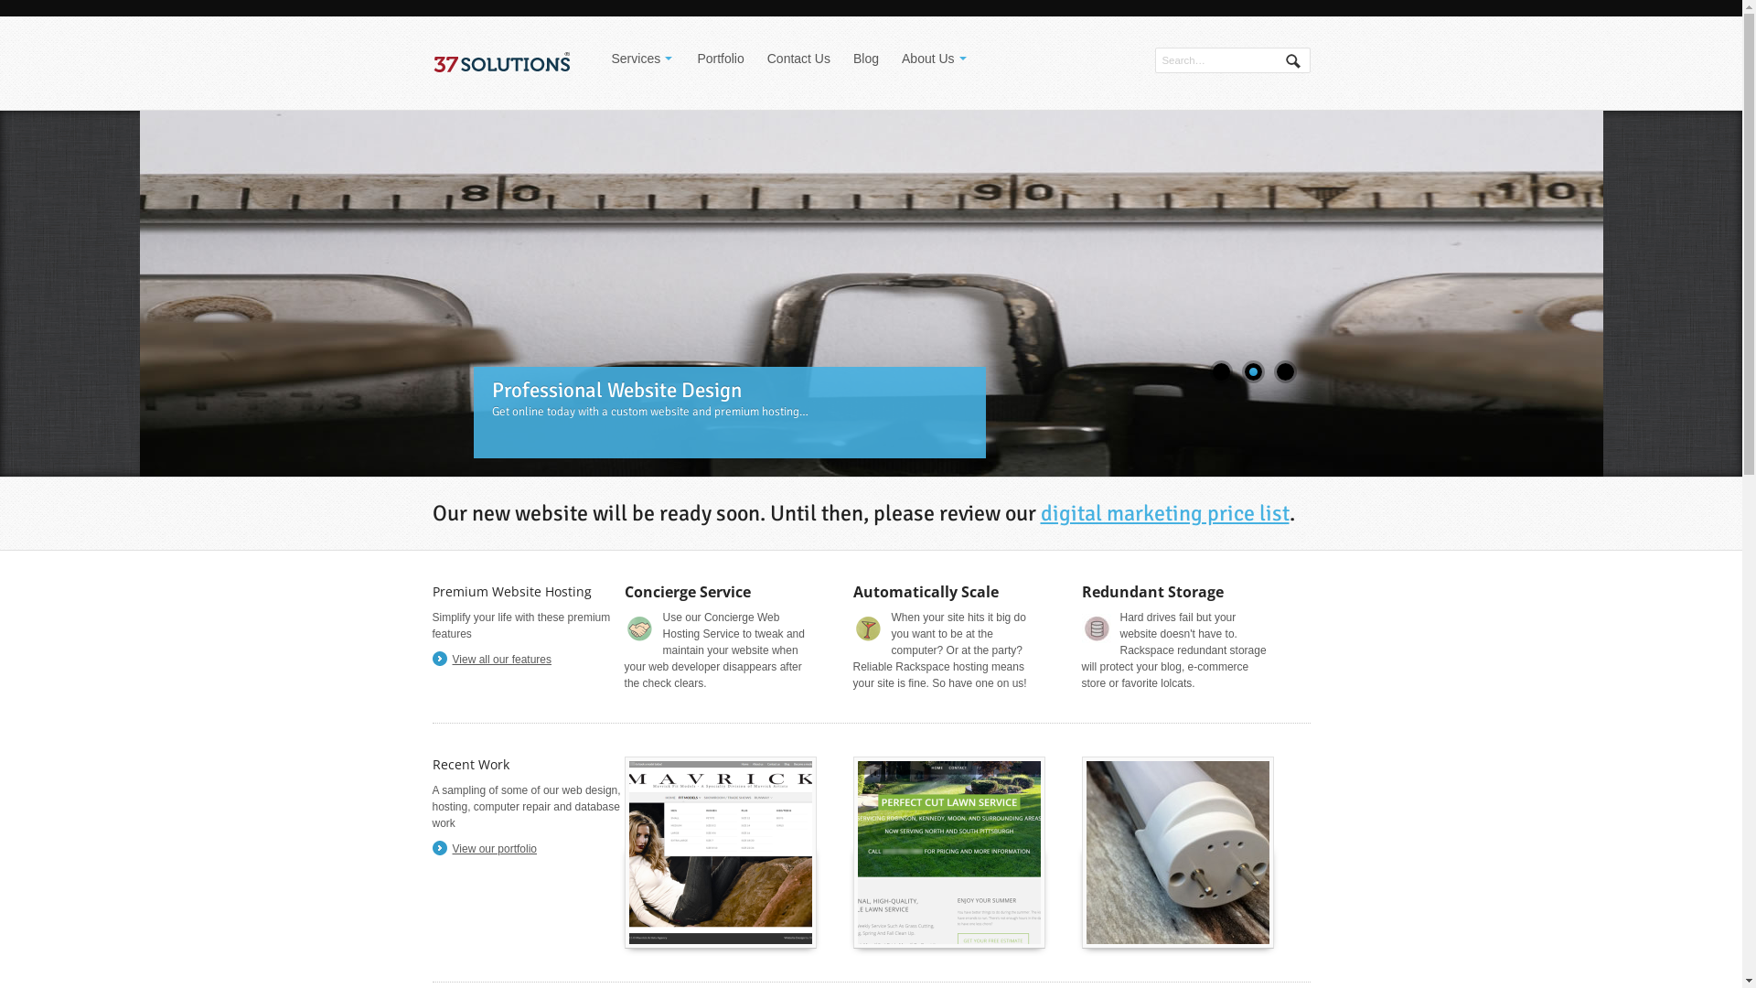 This screenshot has width=1756, height=988. Describe the element at coordinates (642, 59) in the screenshot. I see `'Services'` at that location.